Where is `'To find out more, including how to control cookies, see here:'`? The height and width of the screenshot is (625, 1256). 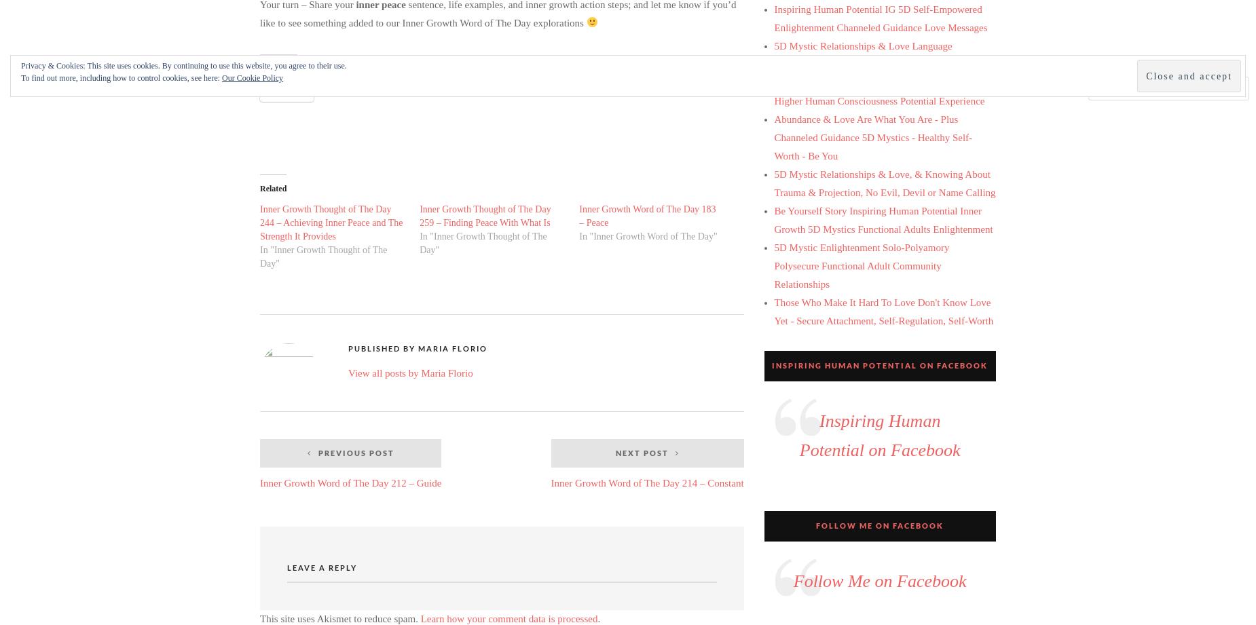 'To find out more, including how to control cookies, see here:' is located at coordinates (121, 78).